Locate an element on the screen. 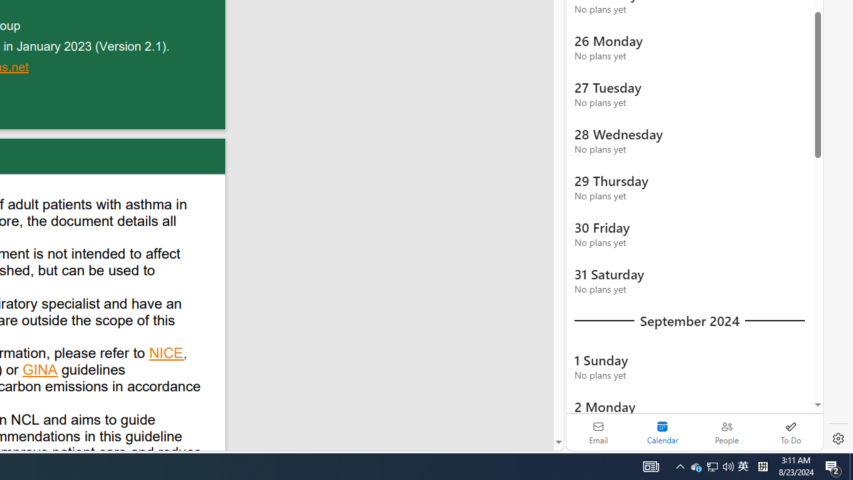 This screenshot has height=480, width=853. 'GINA ' is located at coordinates (41, 371).